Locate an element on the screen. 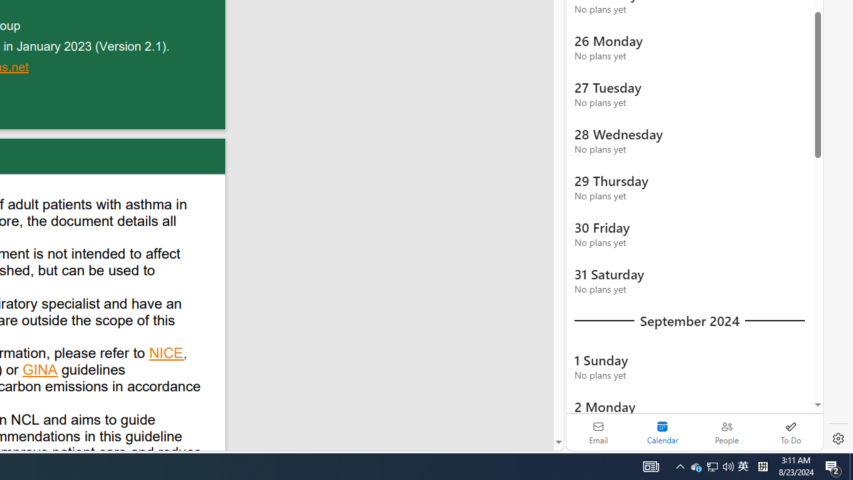 This screenshot has height=480, width=853. 'GINA ' is located at coordinates (41, 371).